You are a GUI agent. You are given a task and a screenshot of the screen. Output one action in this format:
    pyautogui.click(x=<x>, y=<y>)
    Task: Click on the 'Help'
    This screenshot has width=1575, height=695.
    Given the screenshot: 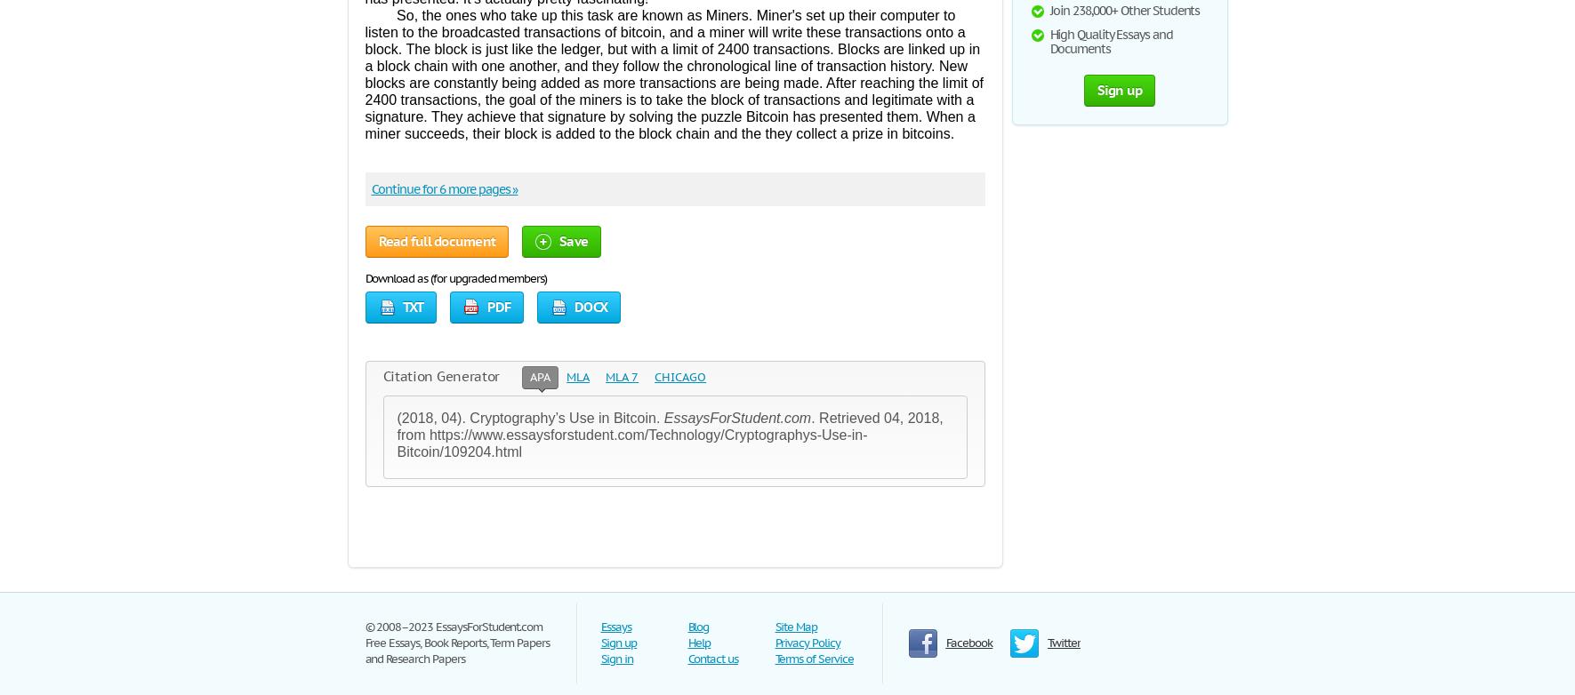 What is the action you would take?
    pyautogui.click(x=687, y=642)
    